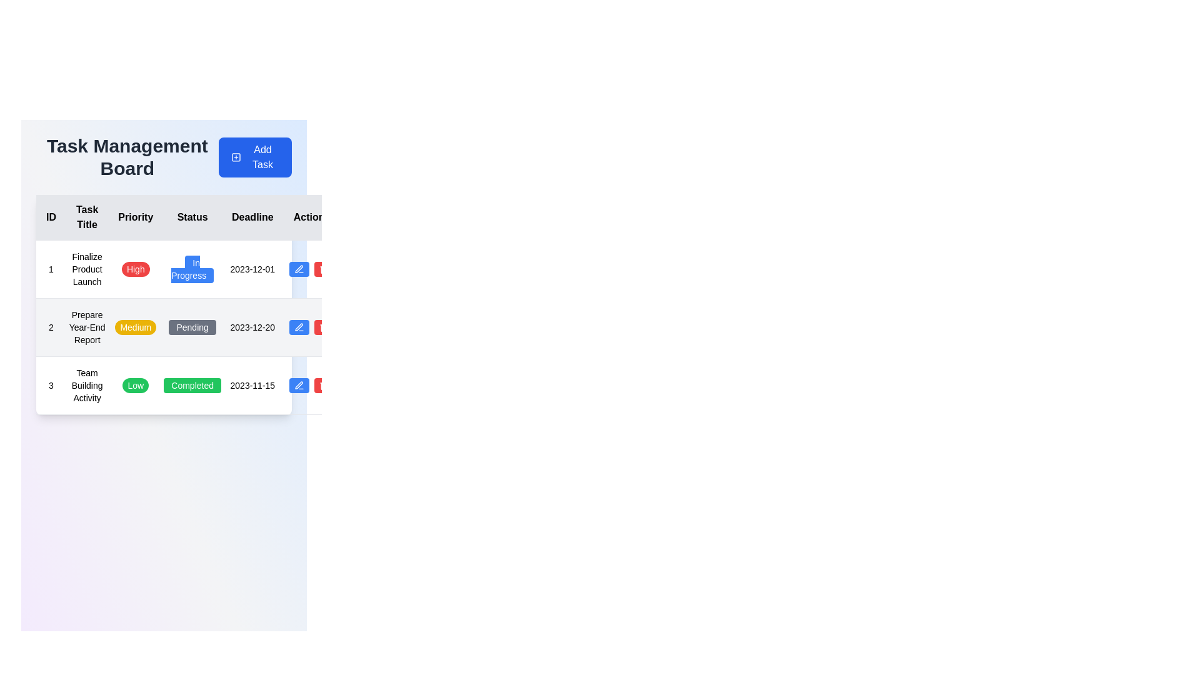 The width and height of the screenshot is (1200, 675). What do you see at coordinates (136, 385) in the screenshot?
I see `the 'Low' priority Badge in the third row of the 'Priority' column for the task labeled 'Team Building Activity'` at bounding box center [136, 385].